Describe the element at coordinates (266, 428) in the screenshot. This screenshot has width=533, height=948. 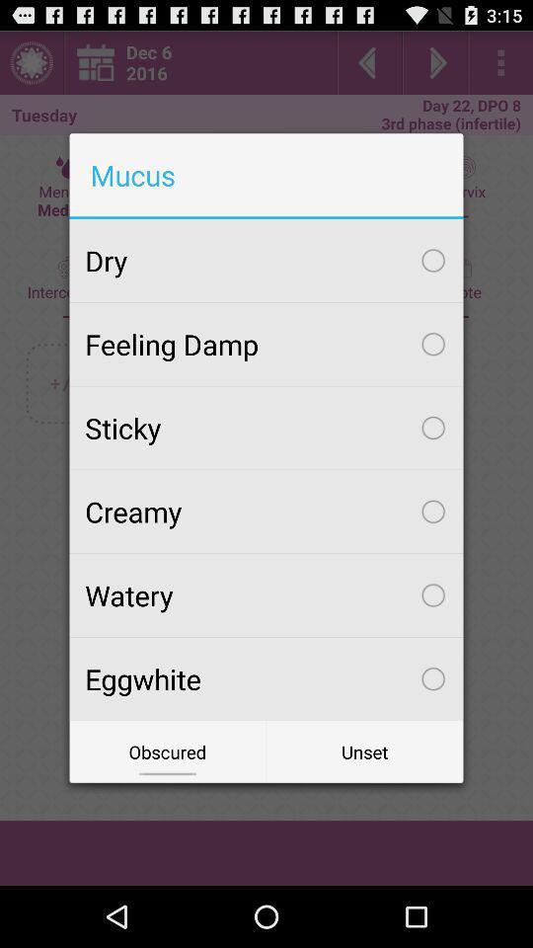
I see `sticky item` at that location.